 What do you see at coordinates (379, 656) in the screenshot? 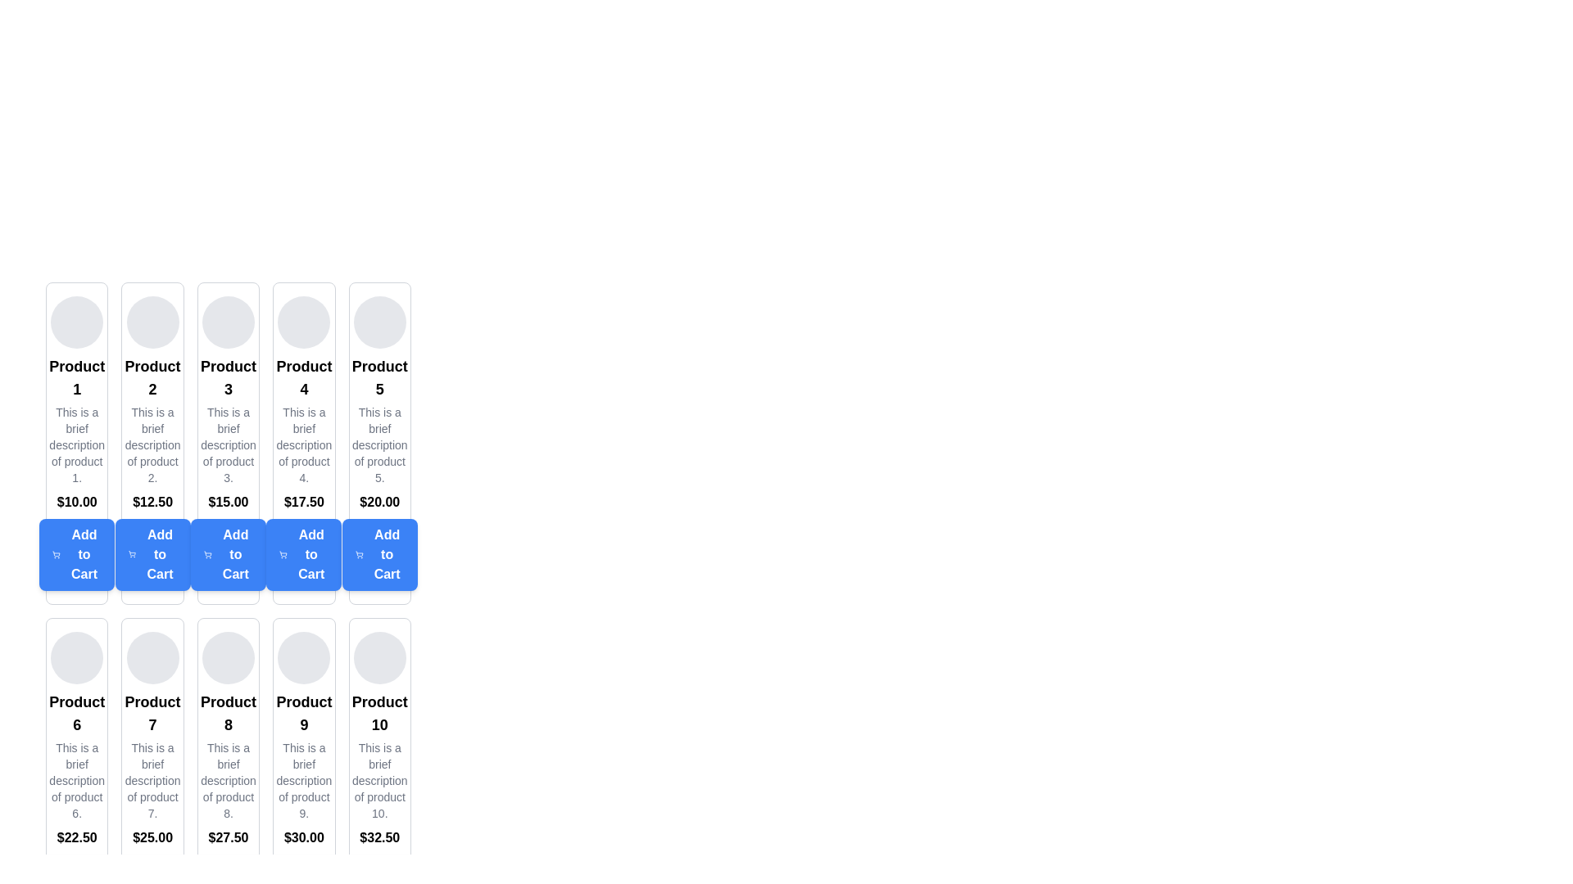
I see `the circular, light gray image placeholder at the top of the 'Product 10' card in the tenth column of the grid layout` at bounding box center [379, 656].